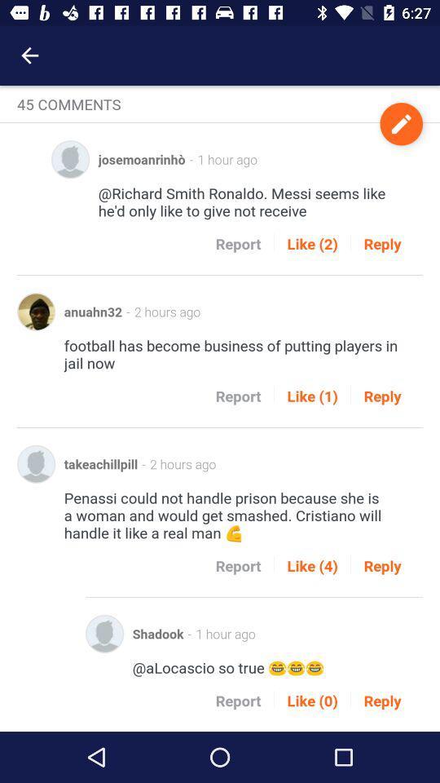  Describe the element at coordinates (400, 123) in the screenshot. I see `write a comment` at that location.